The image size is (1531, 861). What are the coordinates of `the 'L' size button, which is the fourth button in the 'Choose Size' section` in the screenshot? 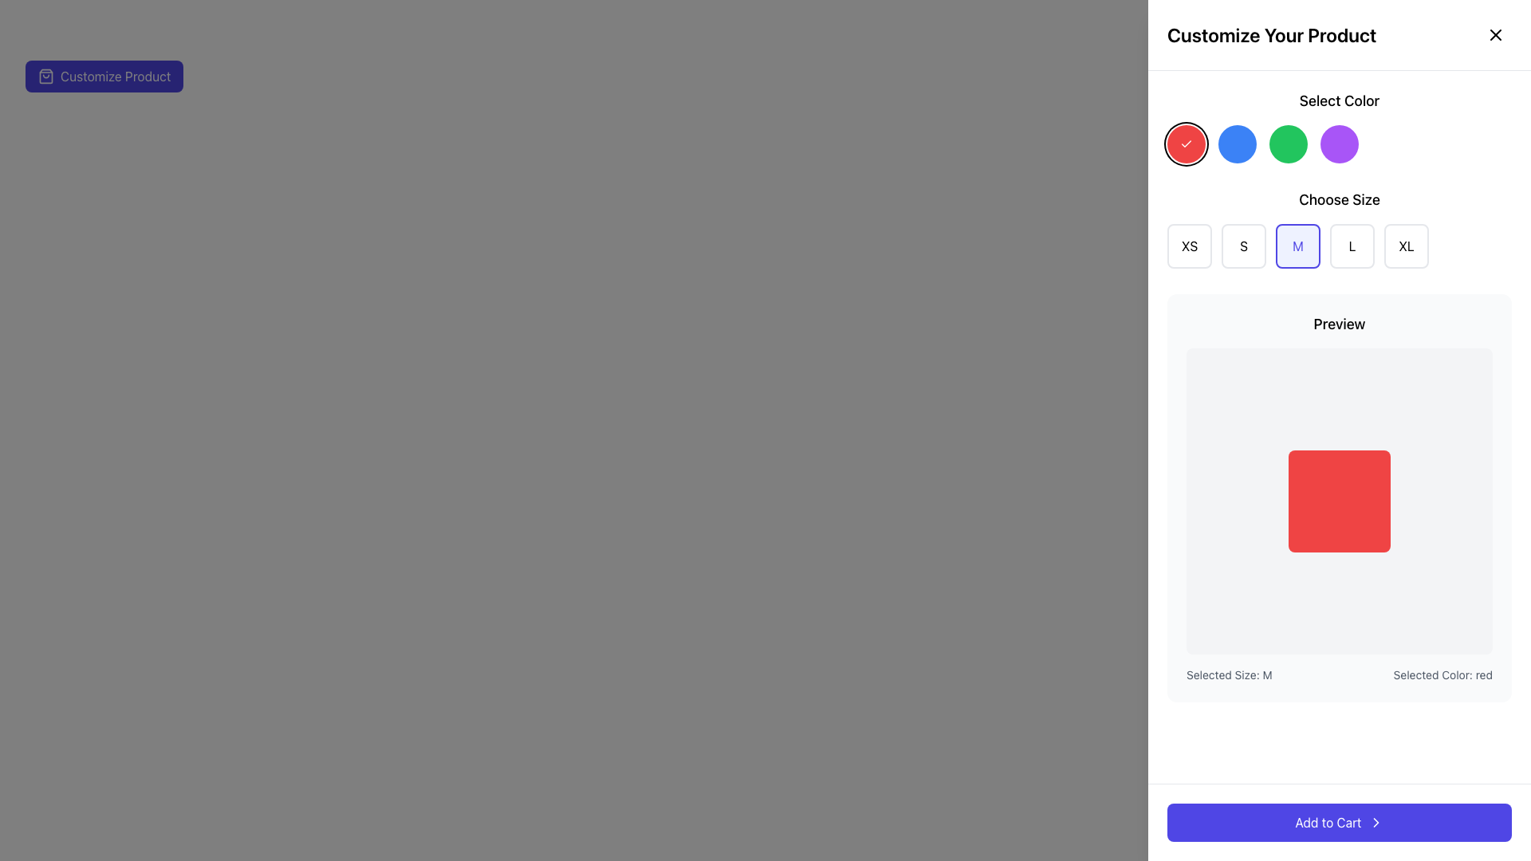 It's located at (1351, 246).